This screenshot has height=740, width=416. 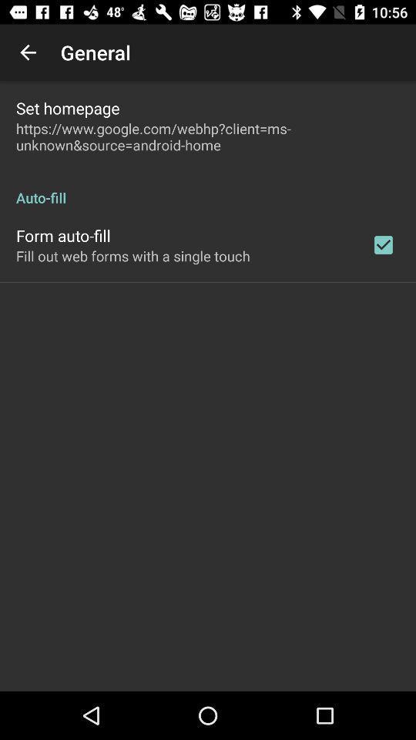 What do you see at coordinates (208, 136) in the screenshot?
I see `item below the set homepage item` at bounding box center [208, 136].